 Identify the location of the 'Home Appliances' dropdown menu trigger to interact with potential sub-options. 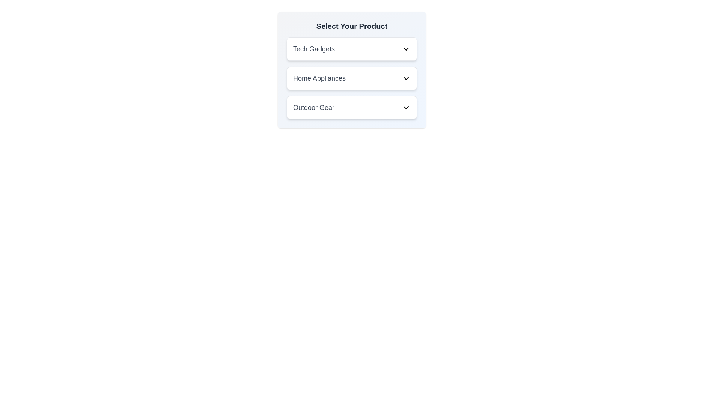
(351, 78).